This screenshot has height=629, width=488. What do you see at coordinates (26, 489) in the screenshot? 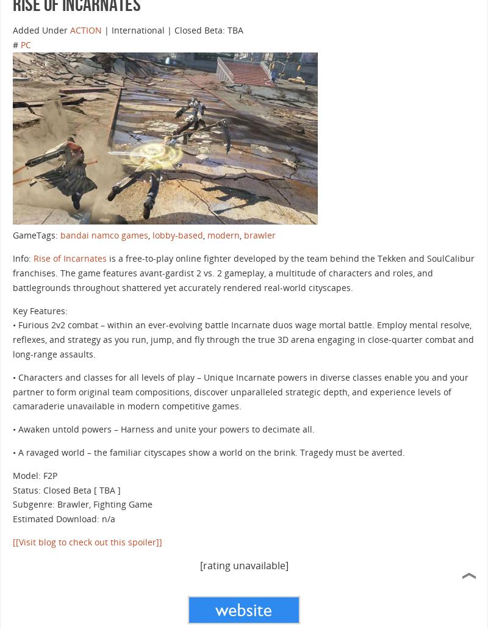
I see `'Status:'` at bounding box center [26, 489].